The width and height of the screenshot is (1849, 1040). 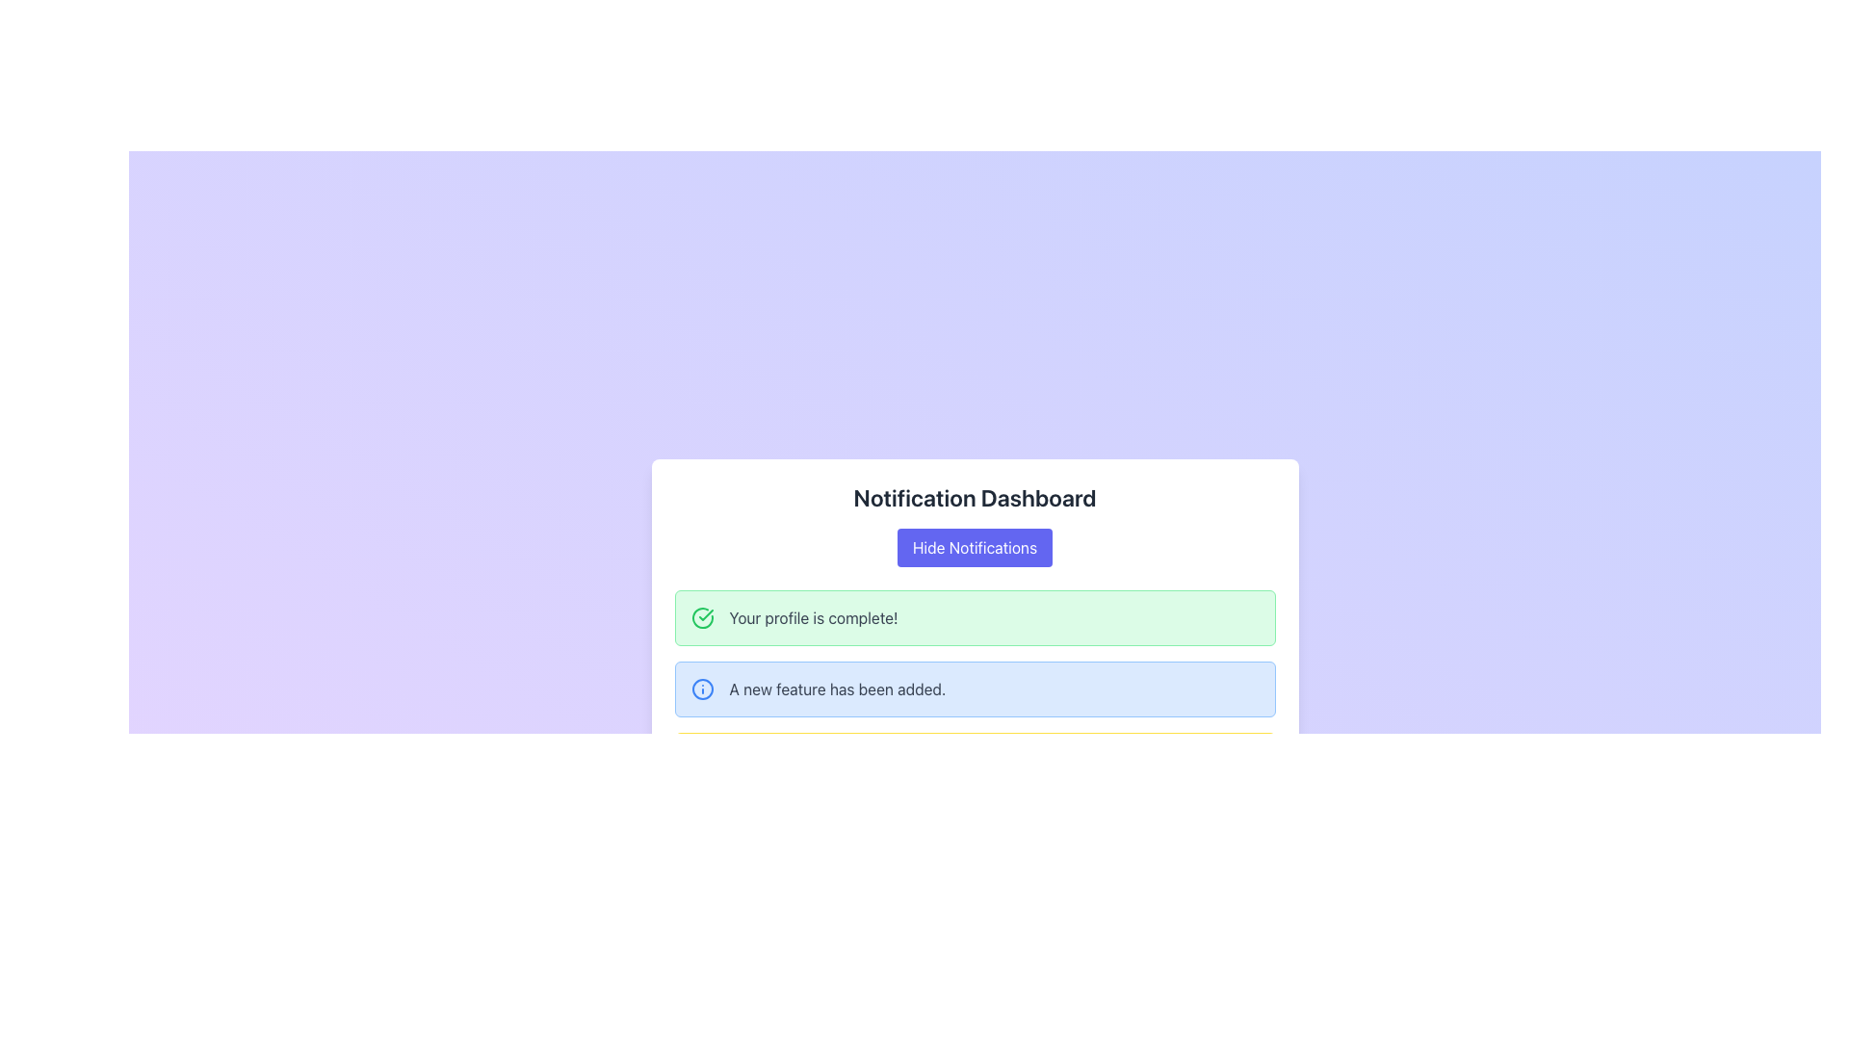 What do you see at coordinates (705, 615) in the screenshot?
I see `the success notification icon located in the top notification message area, which indicates a completed action` at bounding box center [705, 615].